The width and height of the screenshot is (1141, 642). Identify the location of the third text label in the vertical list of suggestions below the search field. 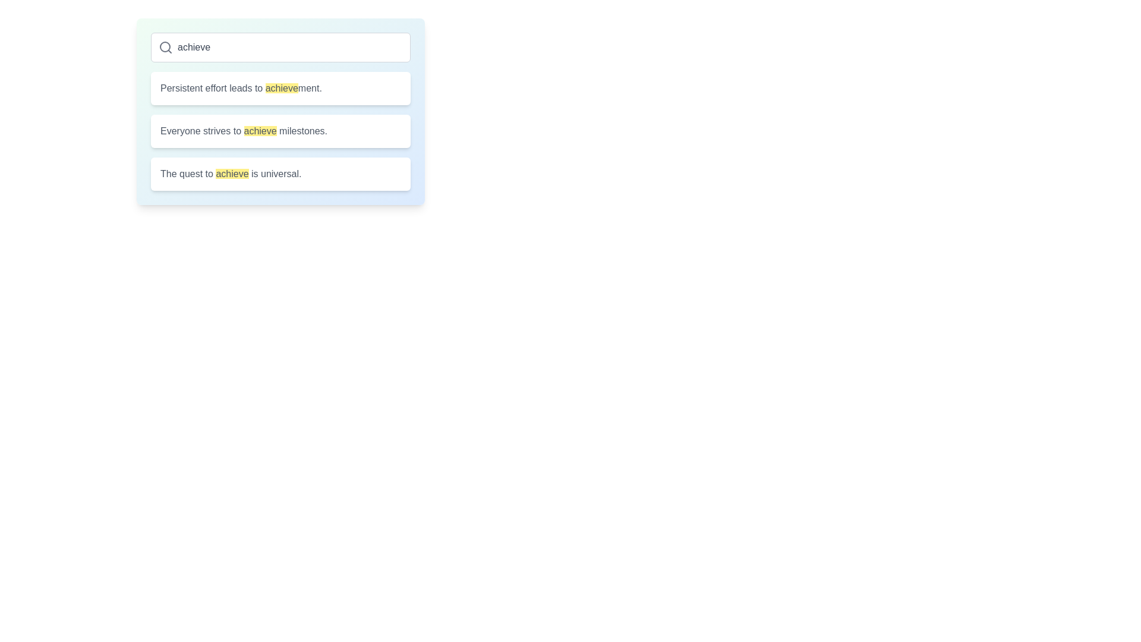
(231, 174).